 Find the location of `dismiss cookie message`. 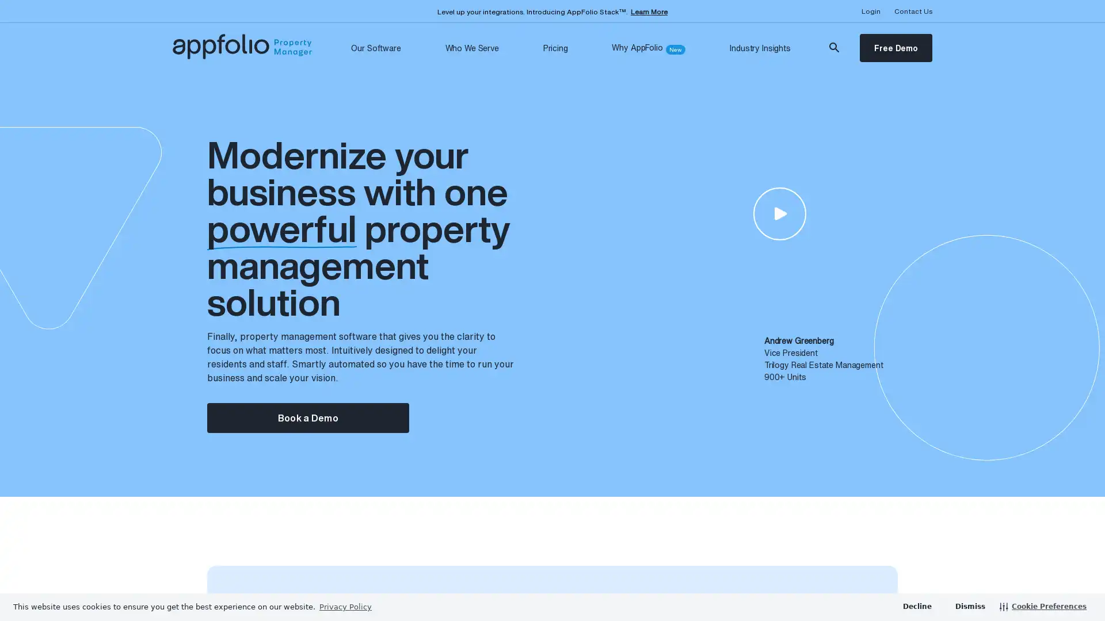

dismiss cookie message is located at coordinates (969, 606).